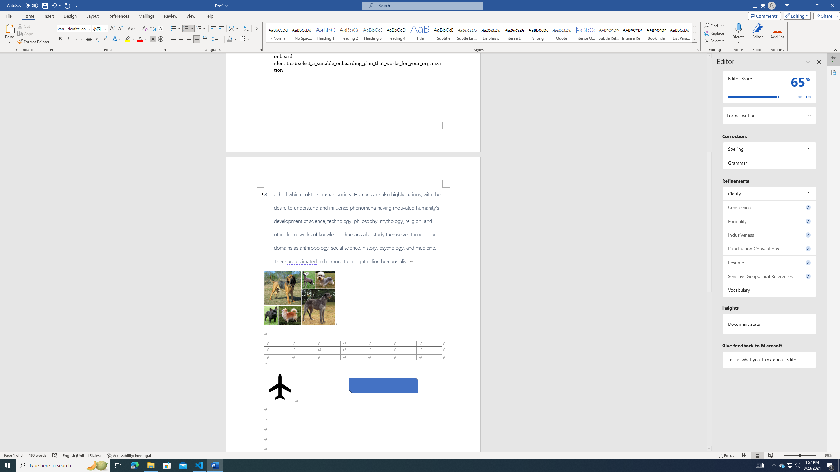 This screenshot has width=840, height=472. What do you see at coordinates (99, 29) in the screenshot?
I see `'Font Size'` at bounding box center [99, 29].